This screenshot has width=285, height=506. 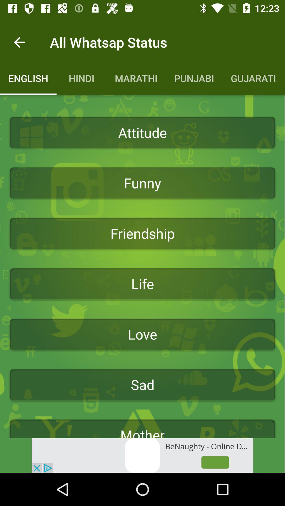 What do you see at coordinates (142, 455) in the screenshot?
I see `see the advertisement` at bounding box center [142, 455].